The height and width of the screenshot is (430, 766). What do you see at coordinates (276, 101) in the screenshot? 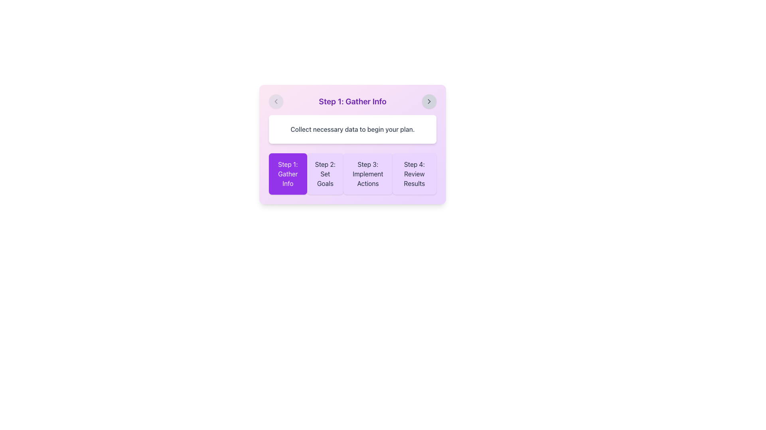
I see `the left-facing arrow icon within the circular button located in the top-left region of the navigation interface, which is part of the back navigation control` at bounding box center [276, 101].